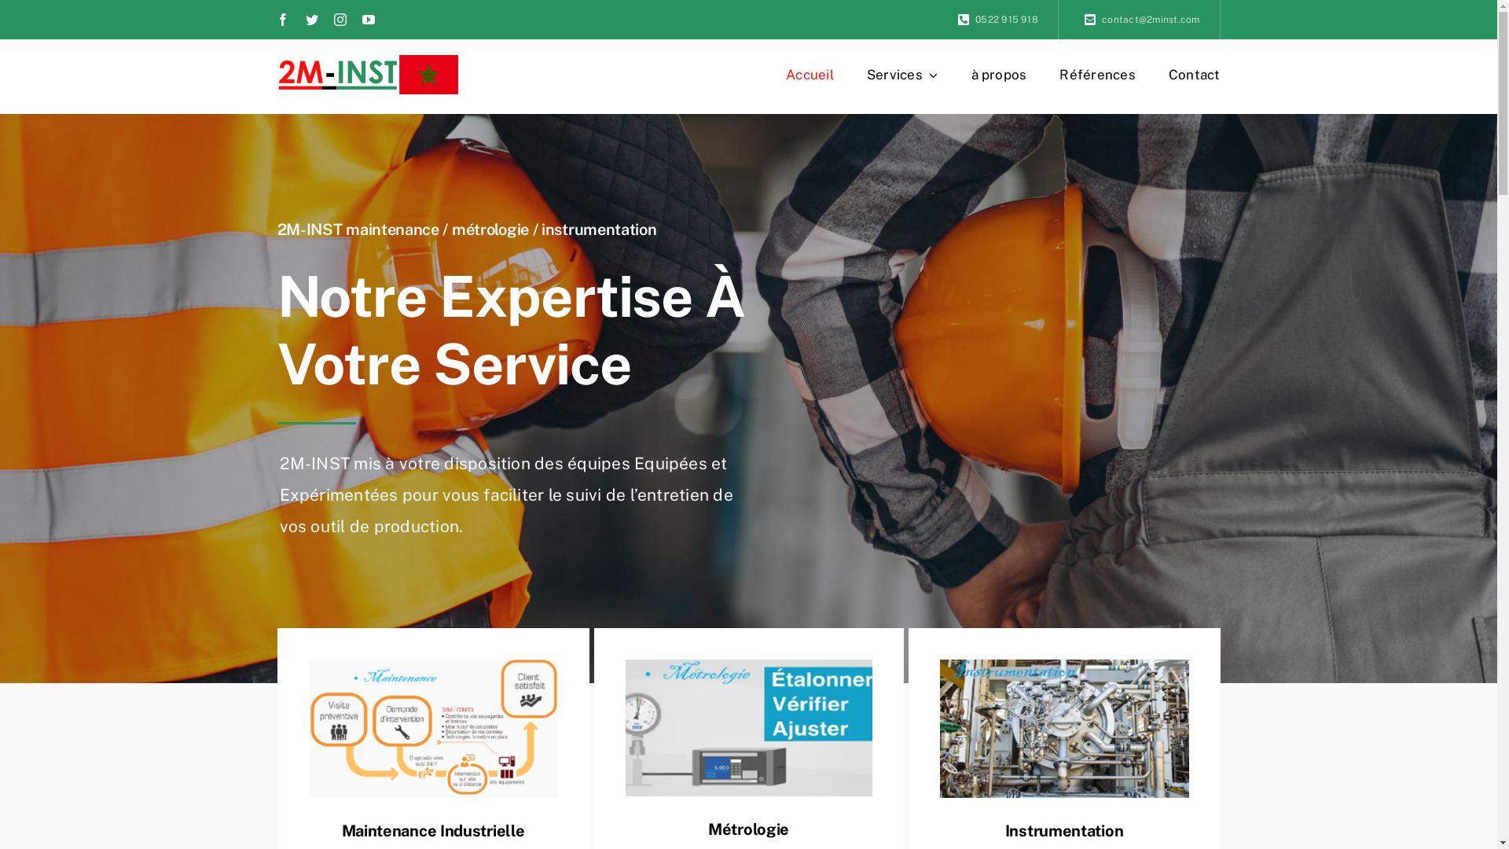 The image size is (1509, 849). I want to click on 'Contact', so click(1195, 75).